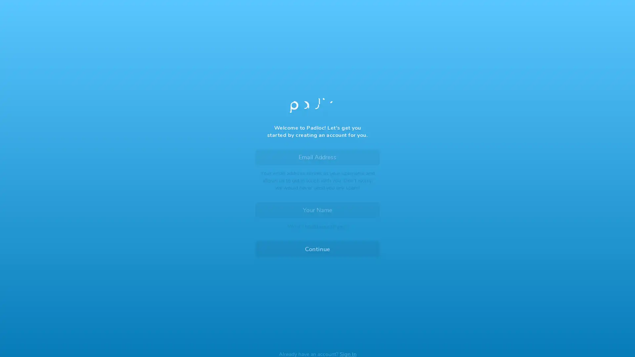 Image resolution: width=635 pixels, height=357 pixels. I want to click on Login, so click(317, 200).